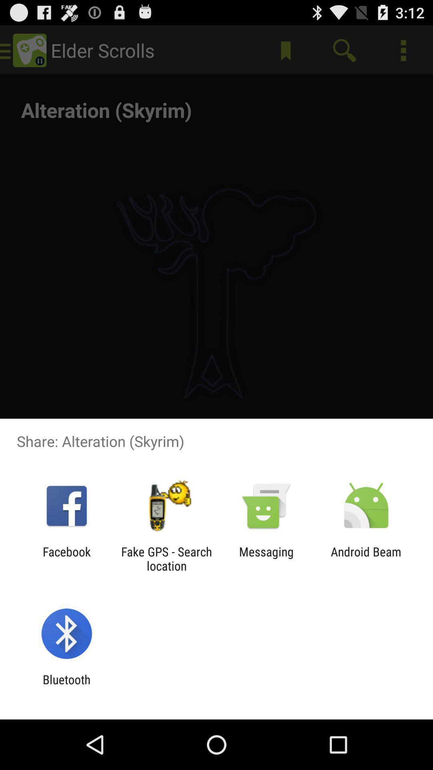  Describe the element at coordinates (266, 558) in the screenshot. I see `the icon next to the fake gps search` at that location.